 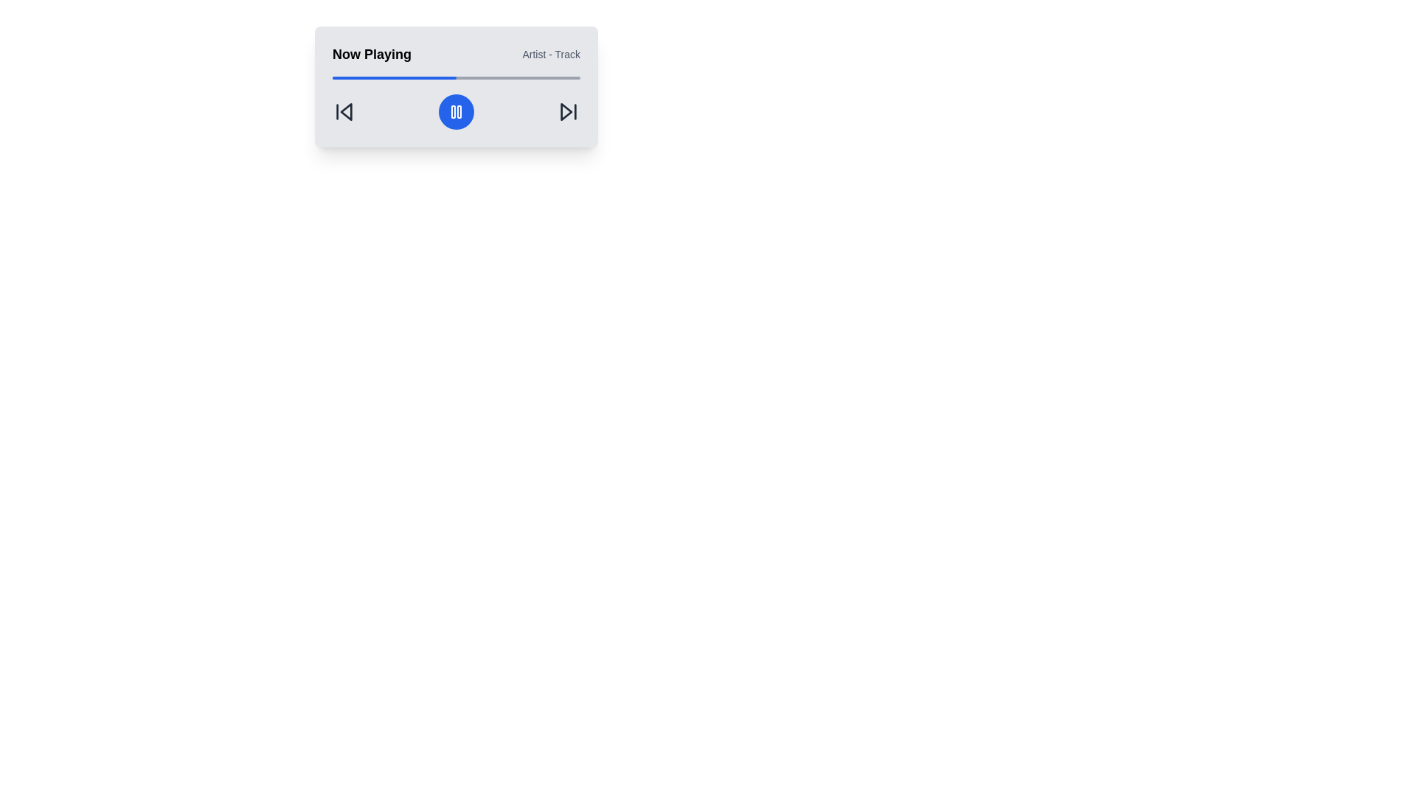 I want to click on the skip-back button in the media control interface for keyboard navigation, so click(x=345, y=111).